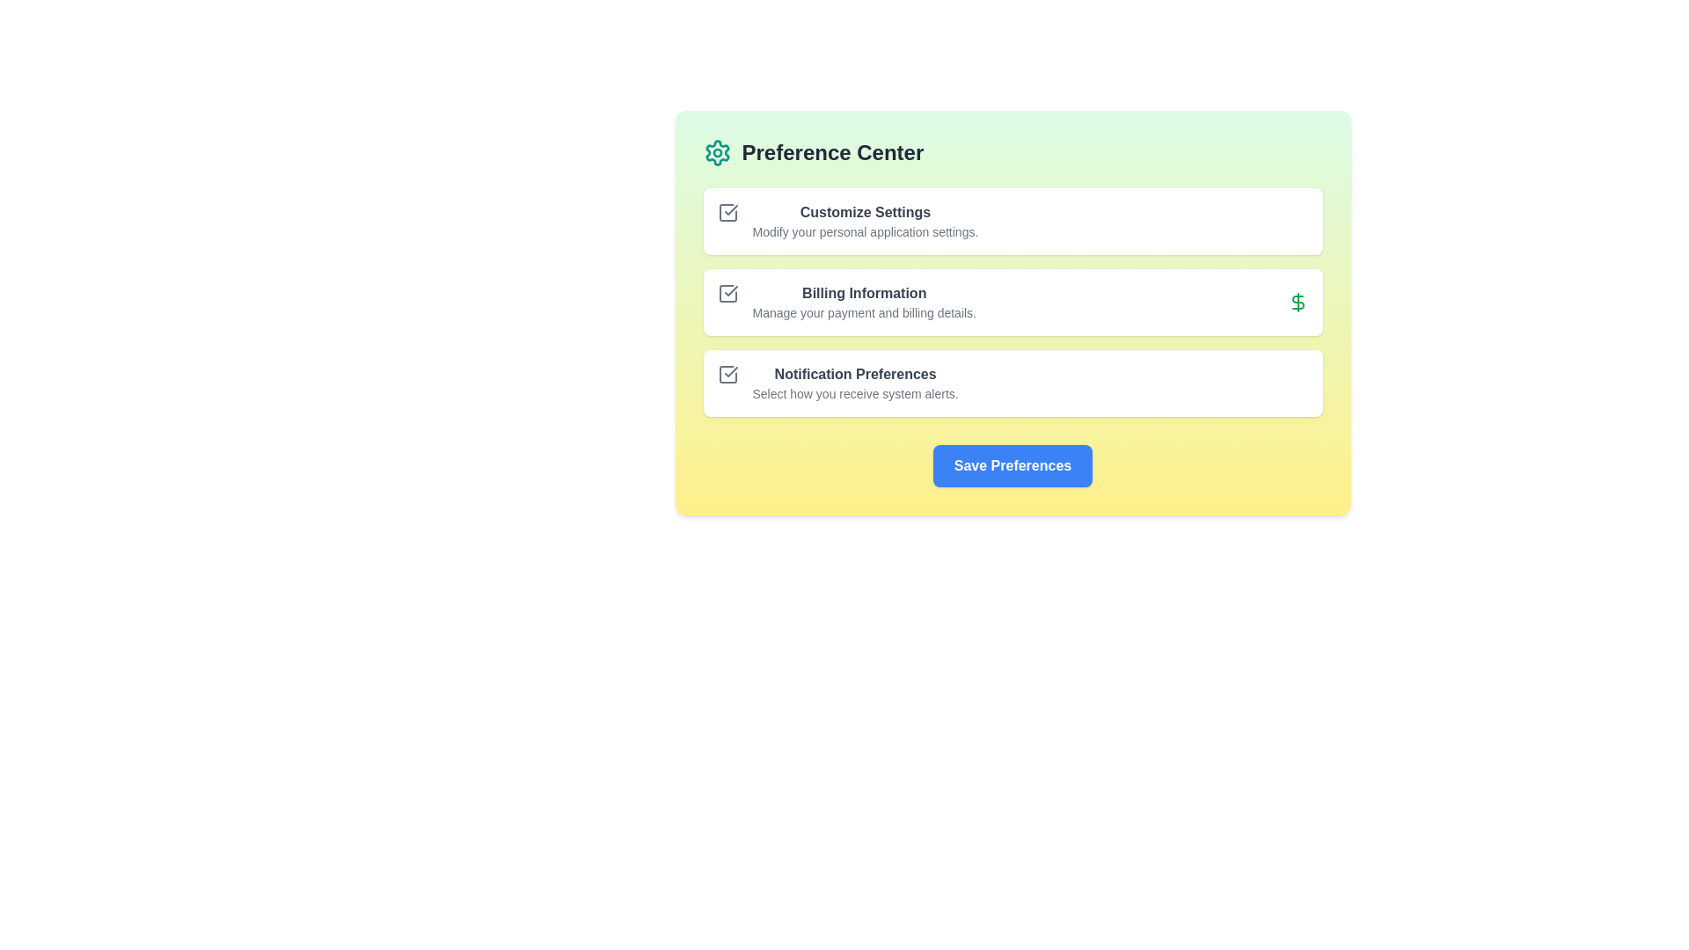 The height and width of the screenshot is (950, 1689). Describe the element at coordinates (1013, 301) in the screenshot. I see `the second card in the vertical list that provides access to managing payment and billing details, located between the 'Customize Settings' and 'Notification Preferences' cards` at that location.